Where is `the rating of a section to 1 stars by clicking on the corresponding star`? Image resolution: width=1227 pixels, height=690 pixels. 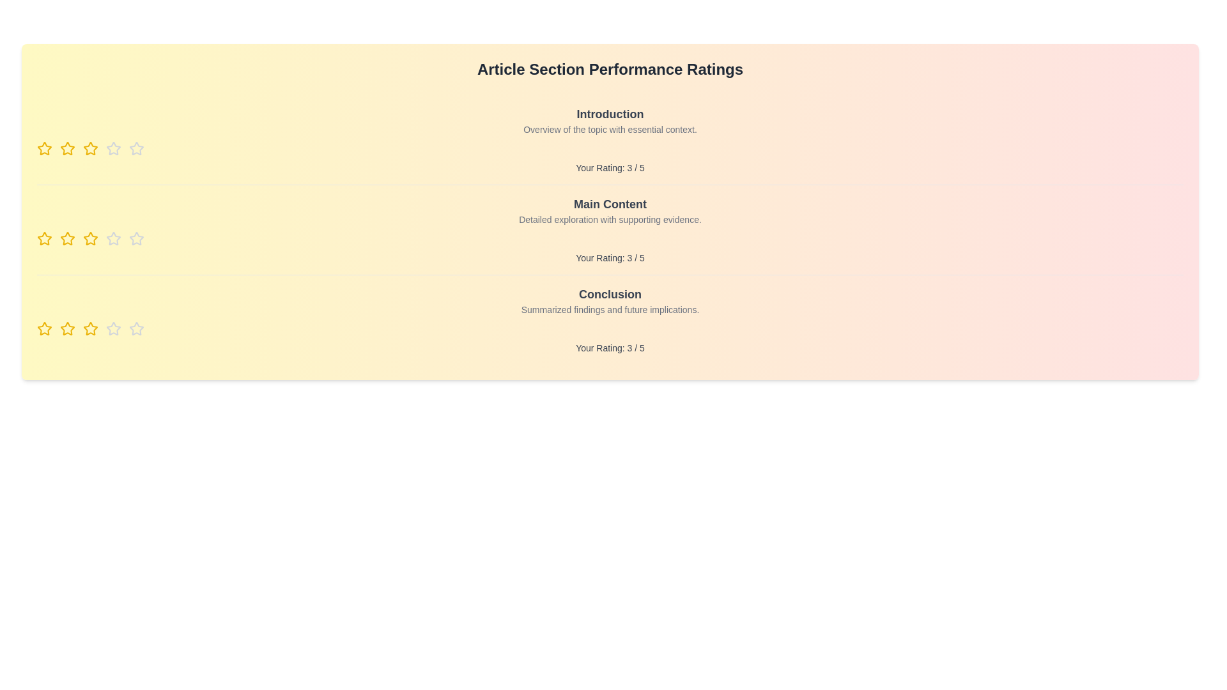
the rating of a section to 1 stars by clicking on the corresponding star is located at coordinates (45, 148).